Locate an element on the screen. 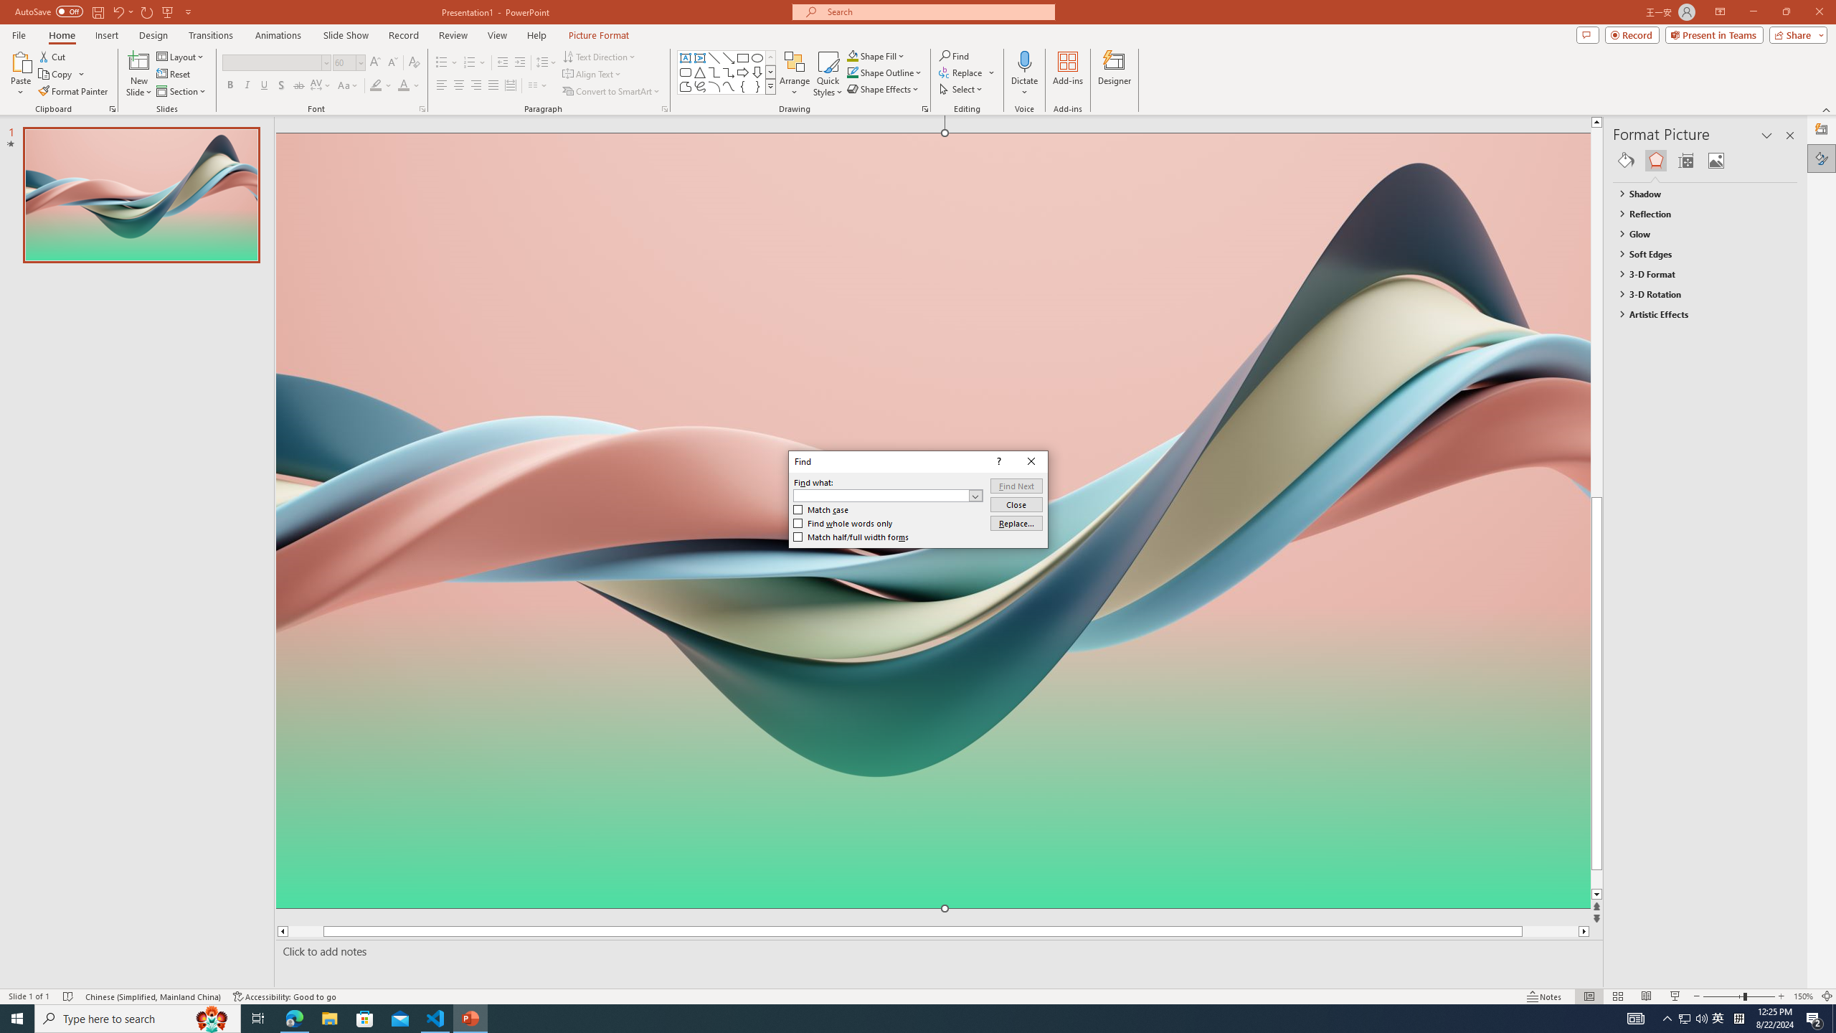 The image size is (1836, 1033). 'Decrease Indent' is located at coordinates (503, 62).